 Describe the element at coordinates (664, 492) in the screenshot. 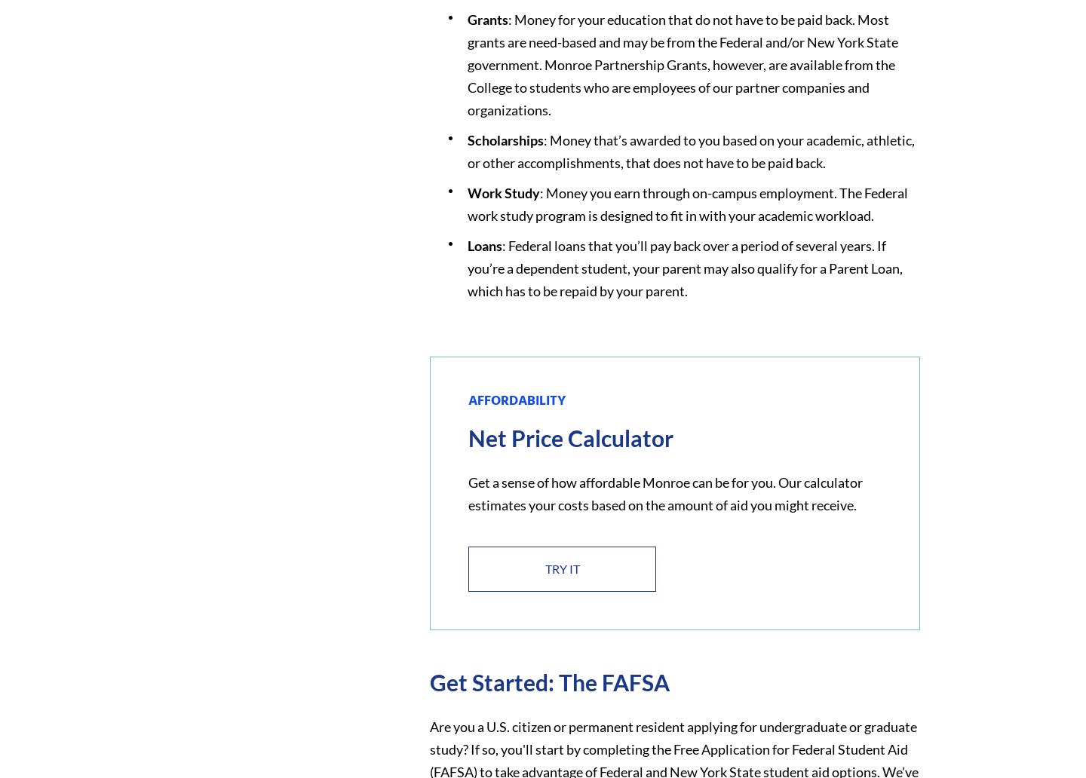

I see `'Get a sense of how affordable Monroe can be for you. Our calculator estimates your costs based on the amount of aid you might receive.'` at that location.